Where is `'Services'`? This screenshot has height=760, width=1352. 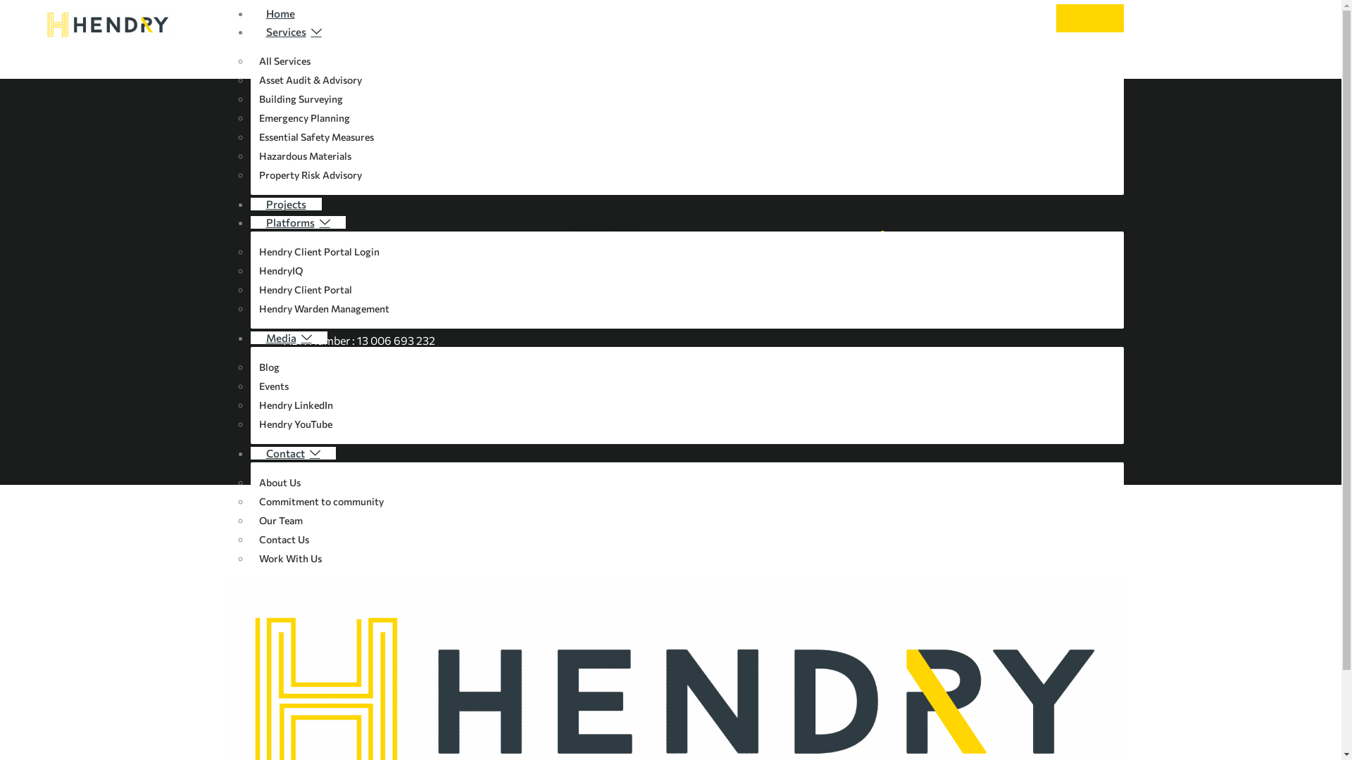 'Services' is located at coordinates (250, 32).